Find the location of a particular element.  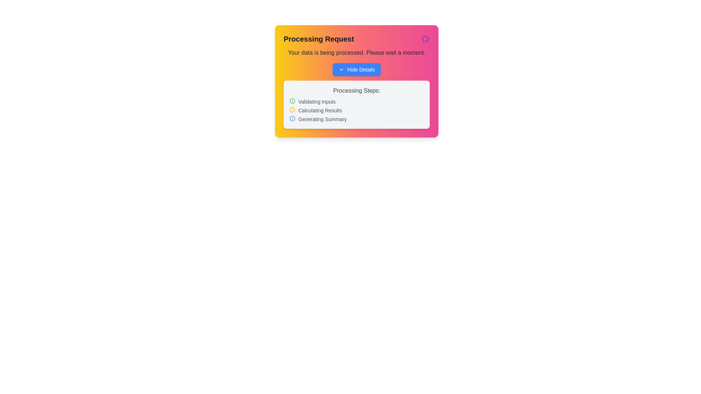

the small circular 'info' icon with a green border, located to the left of the text 'Validating Inputs' is located at coordinates (292, 101).